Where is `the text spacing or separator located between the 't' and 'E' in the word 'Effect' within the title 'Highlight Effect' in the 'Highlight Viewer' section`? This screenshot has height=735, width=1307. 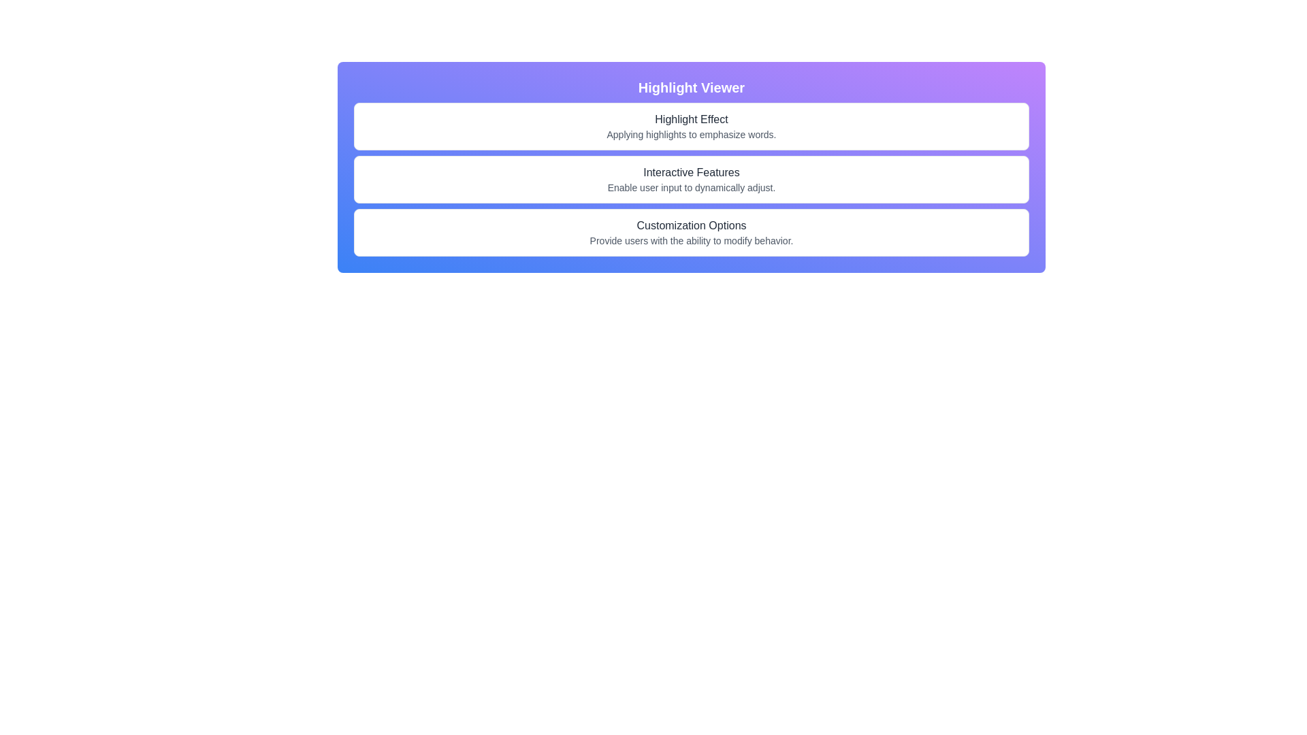
the text spacing or separator located between the 't' and 'E' in the word 'Effect' within the title 'Highlight Effect' in the 'Highlight Viewer' section is located at coordinates (698, 118).